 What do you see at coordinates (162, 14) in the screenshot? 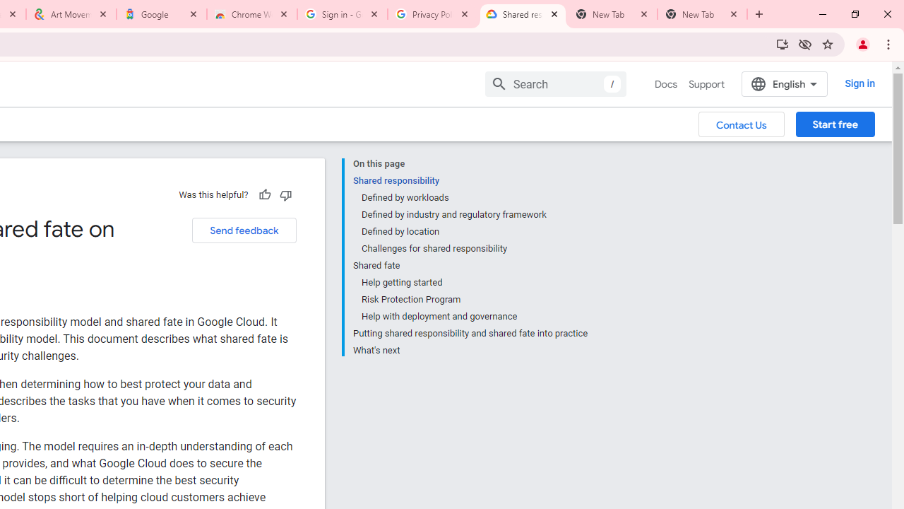
I see `'Google'` at bounding box center [162, 14].